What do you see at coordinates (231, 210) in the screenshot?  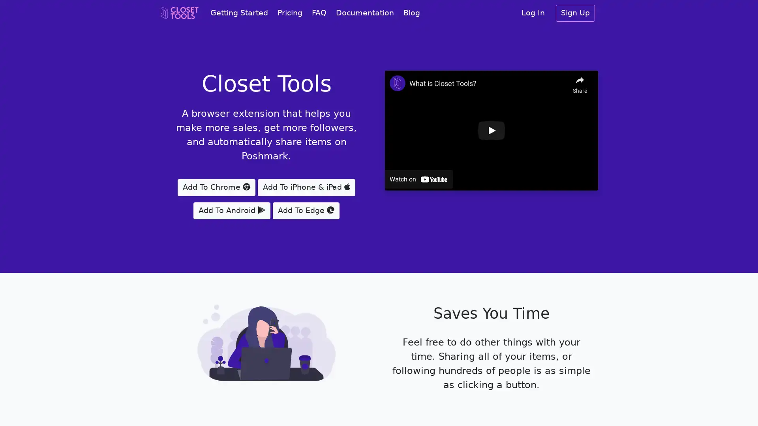 I see `Add To Android` at bounding box center [231, 210].